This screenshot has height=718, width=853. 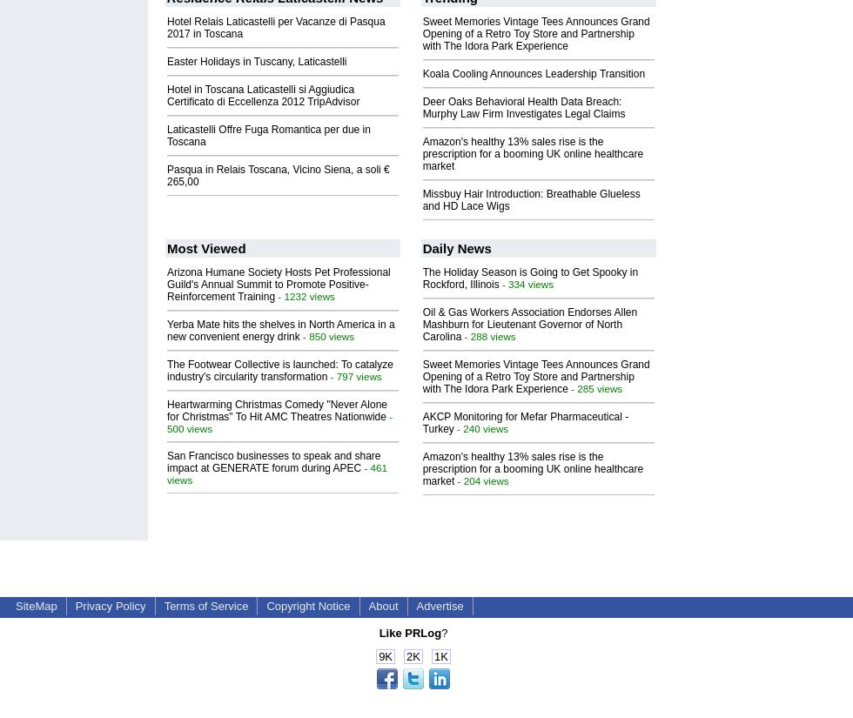 I want to click on 'The Holiday Season is Going to Get Spooky in Rockford, Illinois', so click(x=529, y=278).